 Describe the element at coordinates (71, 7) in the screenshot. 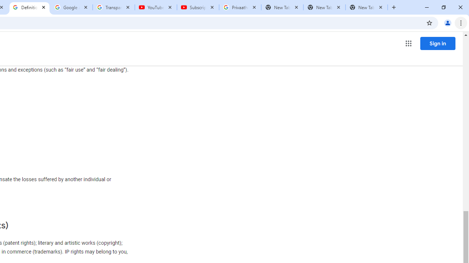

I see `'Google Account'` at that location.